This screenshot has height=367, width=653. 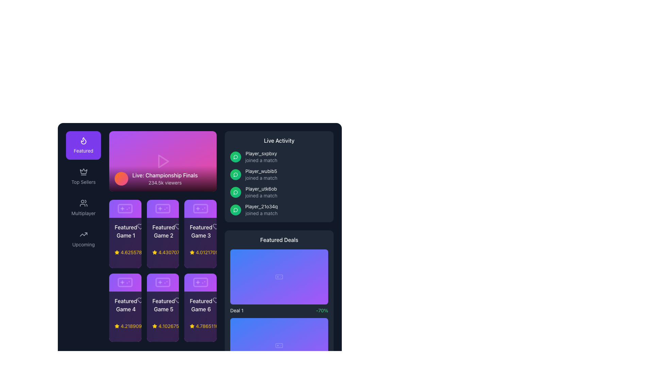 What do you see at coordinates (83, 203) in the screenshot?
I see `the SVG icon depicting a group of people, which is part of the 'Multiplayer' button in the left navigation panel` at bounding box center [83, 203].